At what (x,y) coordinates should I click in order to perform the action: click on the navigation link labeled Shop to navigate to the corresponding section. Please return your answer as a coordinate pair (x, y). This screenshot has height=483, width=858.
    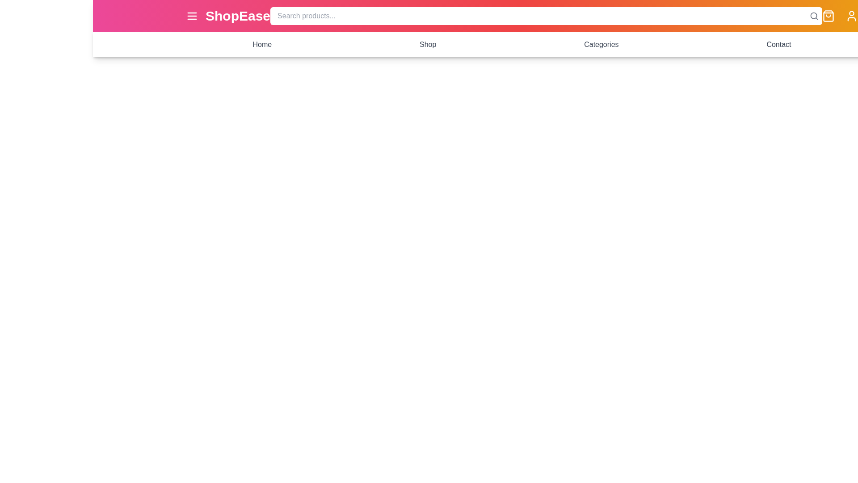
    Looking at the image, I should click on (427, 45).